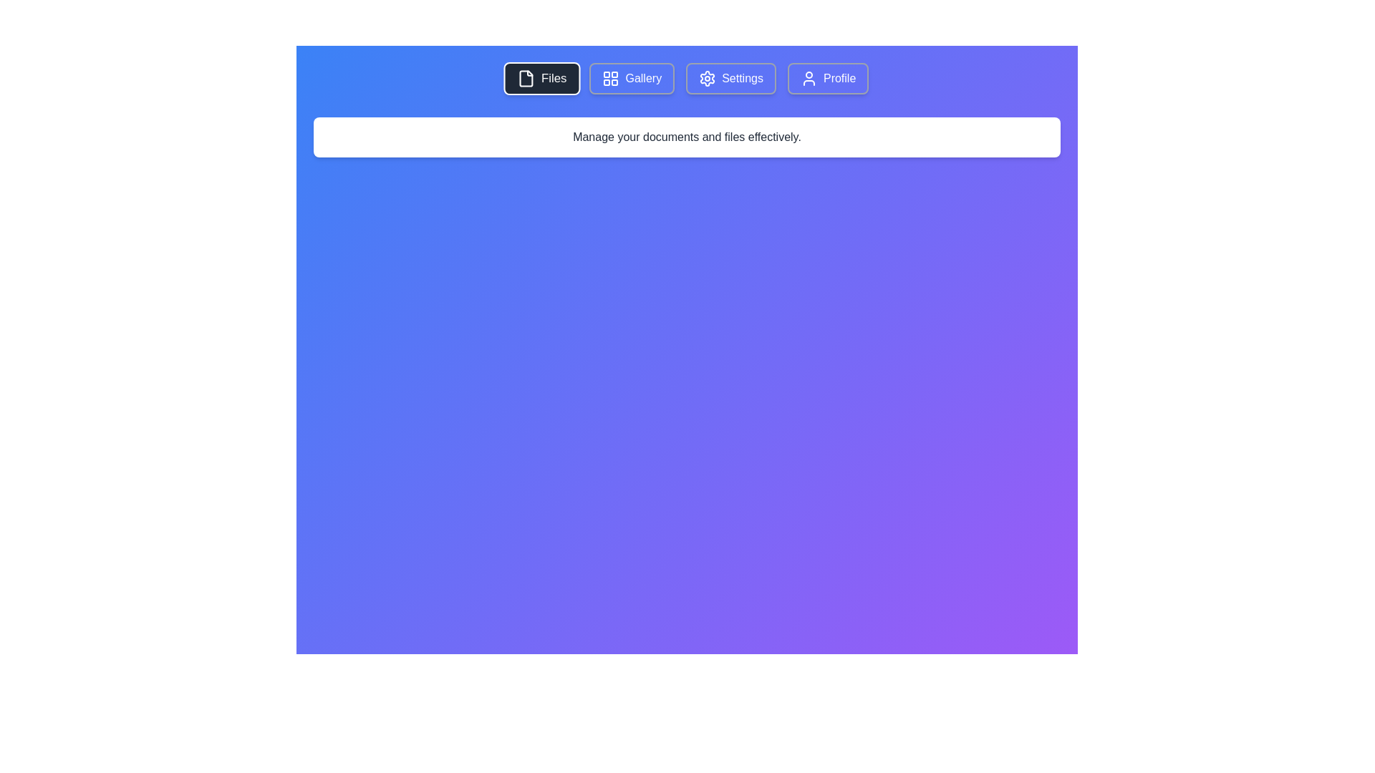 Image resolution: width=1375 pixels, height=773 pixels. Describe the element at coordinates (809, 79) in the screenshot. I see `the user profile icon located inside the 'Profile' button, which is the last button in a row of four on the top navigation bar` at that location.